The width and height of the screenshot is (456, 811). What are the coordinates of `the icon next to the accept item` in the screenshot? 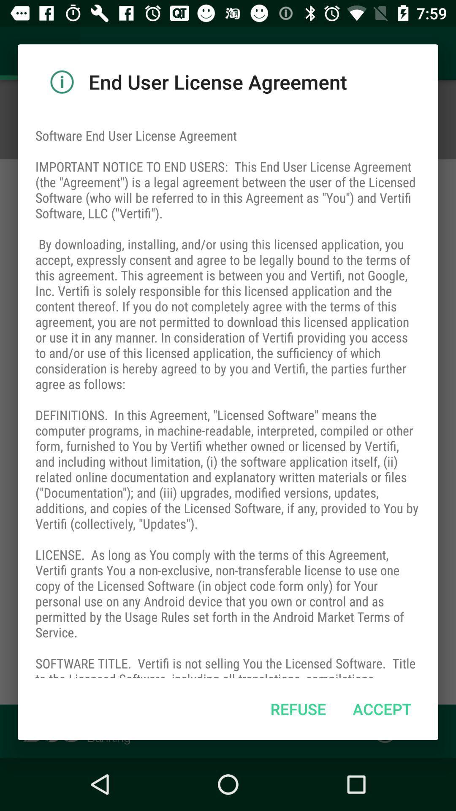 It's located at (298, 709).